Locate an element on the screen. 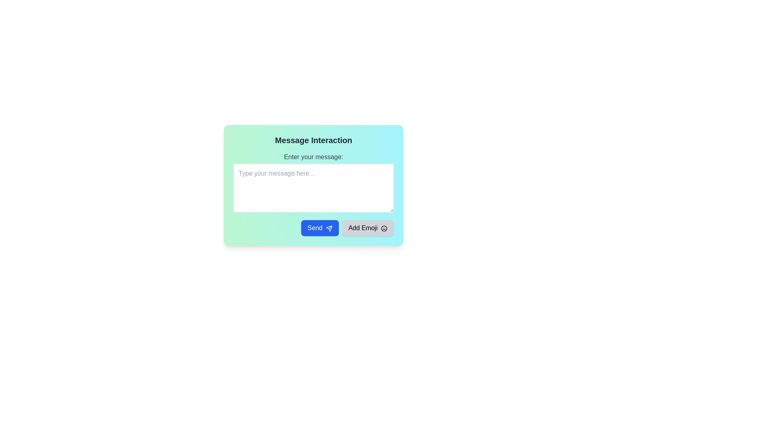 The image size is (770, 433). the 'Add Emoji' button, which is a light gray rectangular button with rounded corners located to the right of the 'Send' button is located at coordinates (367, 228).